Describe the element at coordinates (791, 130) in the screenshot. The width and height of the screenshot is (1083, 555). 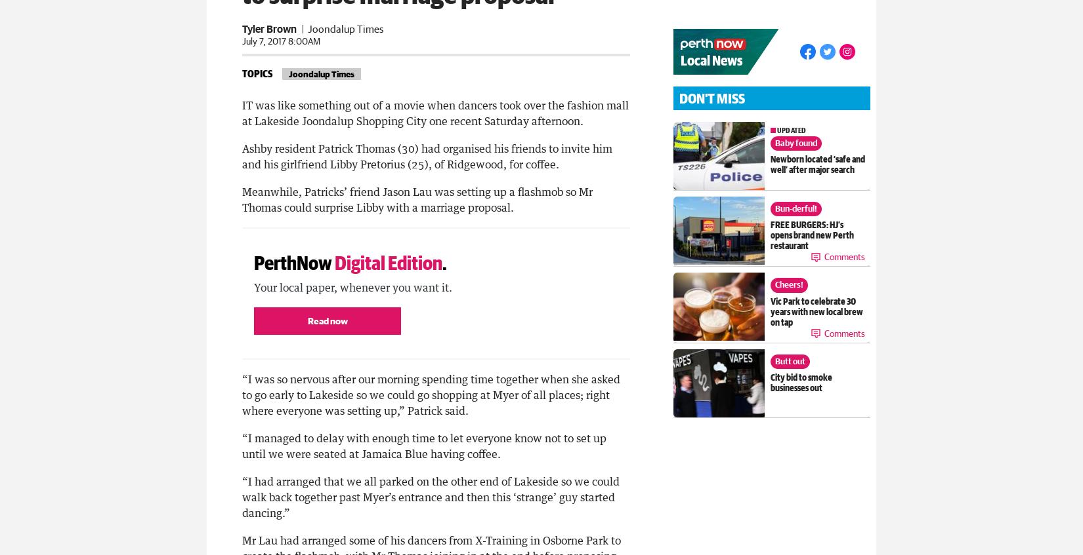
I see `'updated'` at that location.